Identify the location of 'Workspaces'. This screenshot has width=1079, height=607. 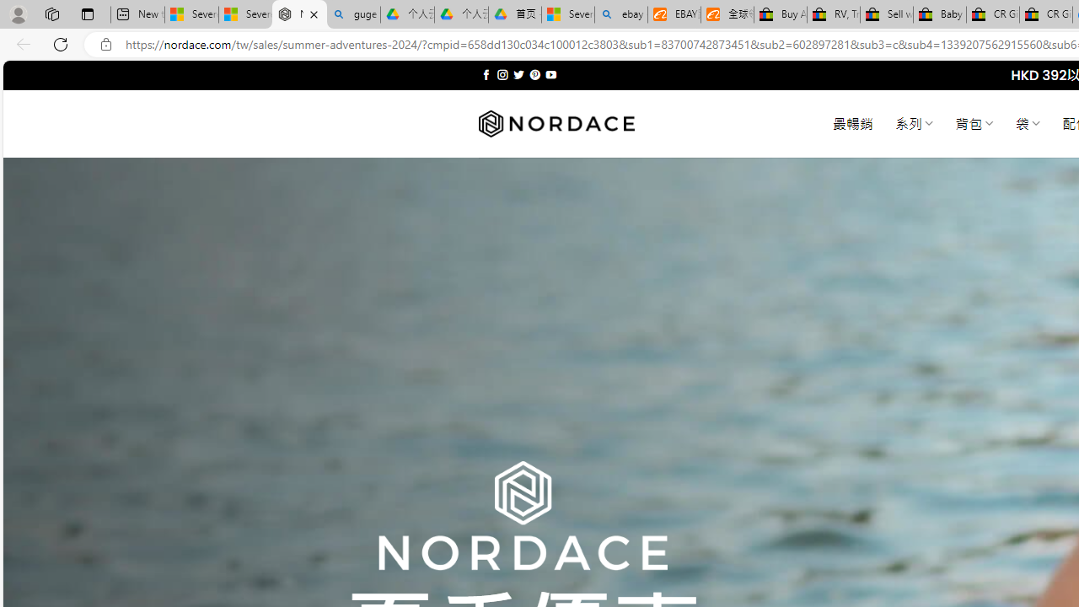
(51, 13).